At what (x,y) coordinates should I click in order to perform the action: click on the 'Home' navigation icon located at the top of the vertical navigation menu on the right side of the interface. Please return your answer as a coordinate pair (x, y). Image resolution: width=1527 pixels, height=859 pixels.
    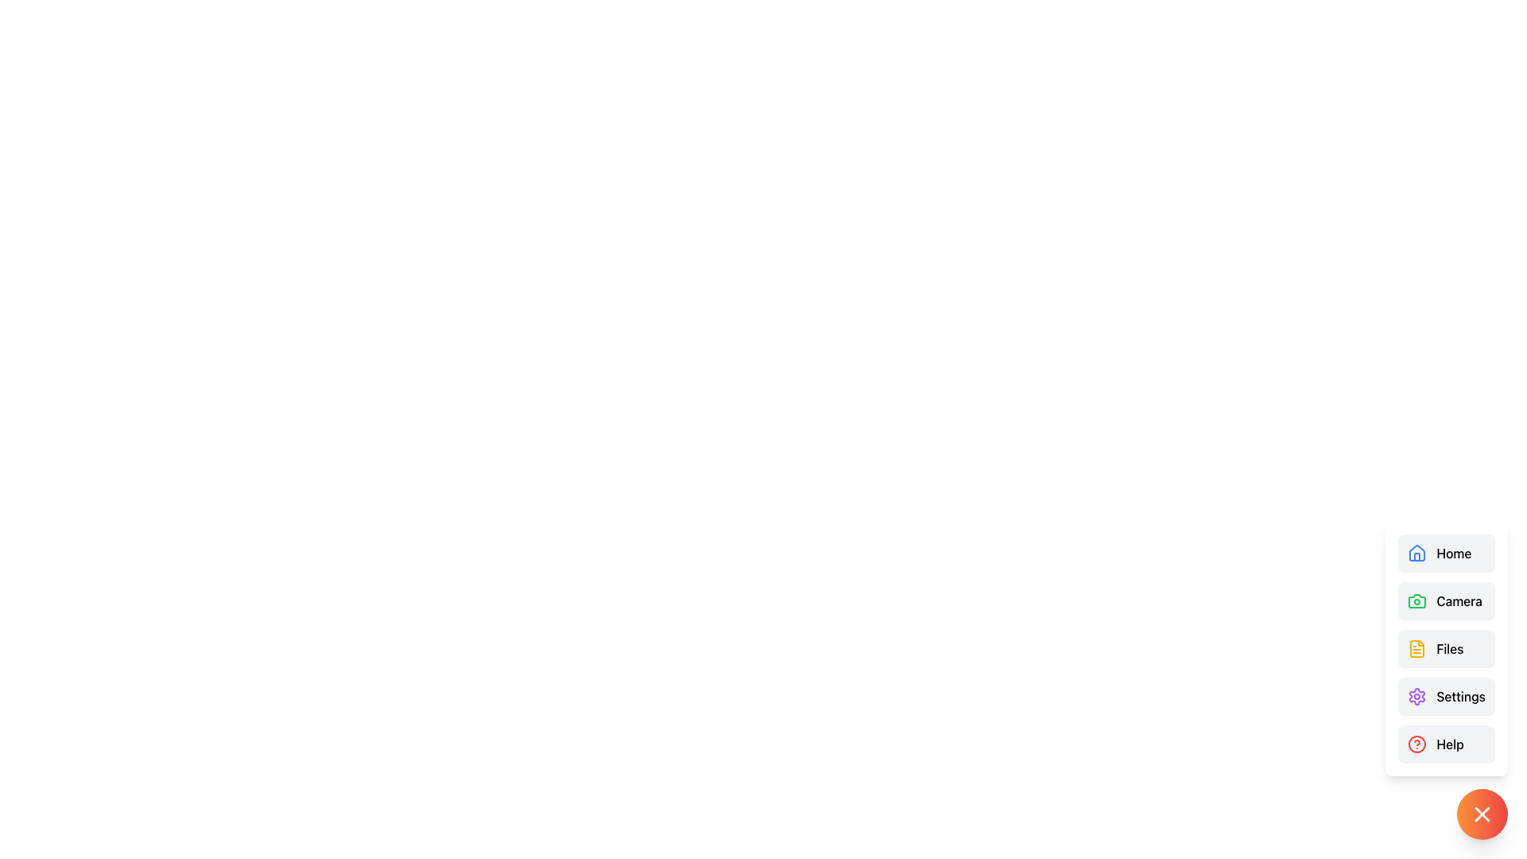
    Looking at the image, I should click on (1417, 552).